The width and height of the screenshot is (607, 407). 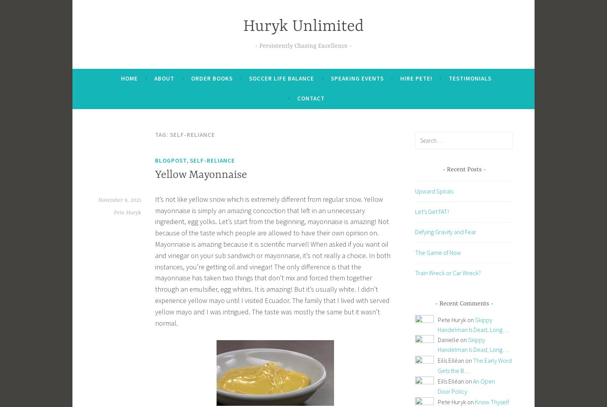 I want to click on 'Upward Spirals', so click(x=434, y=190).